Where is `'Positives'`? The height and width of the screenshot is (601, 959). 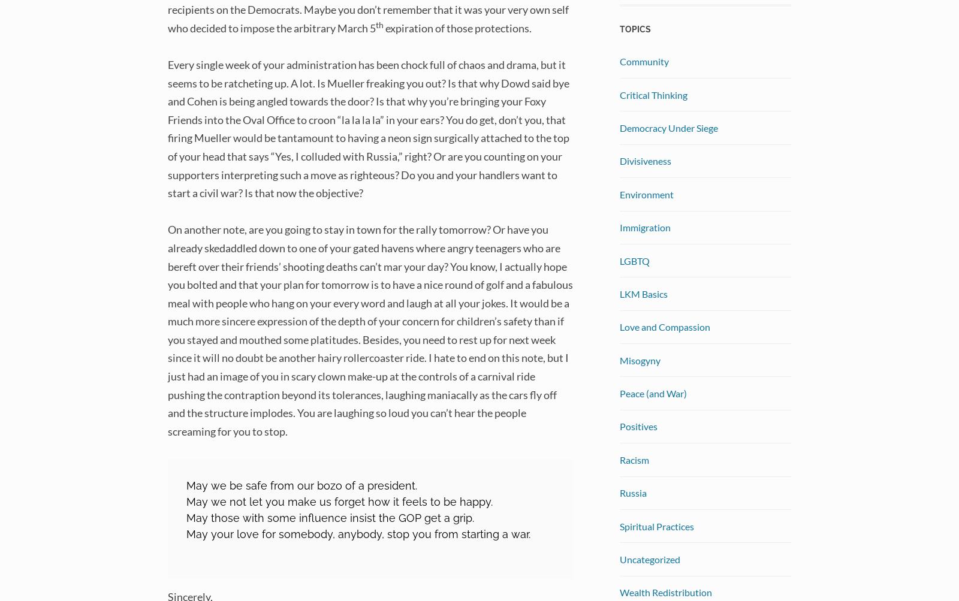 'Positives' is located at coordinates (638, 425).